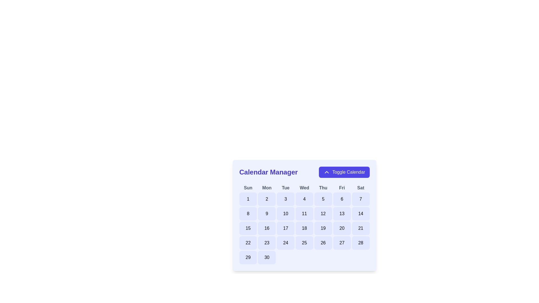 This screenshot has width=539, height=303. Describe the element at coordinates (286, 228) in the screenshot. I see `the selectable day button representing 'Tue' in the calendar widget` at that location.